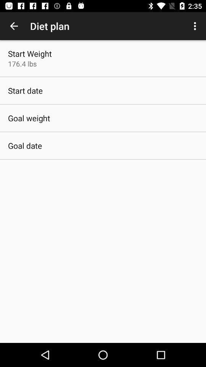 The width and height of the screenshot is (206, 367). What do you see at coordinates (29, 118) in the screenshot?
I see `item above goal date app` at bounding box center [29, 118].